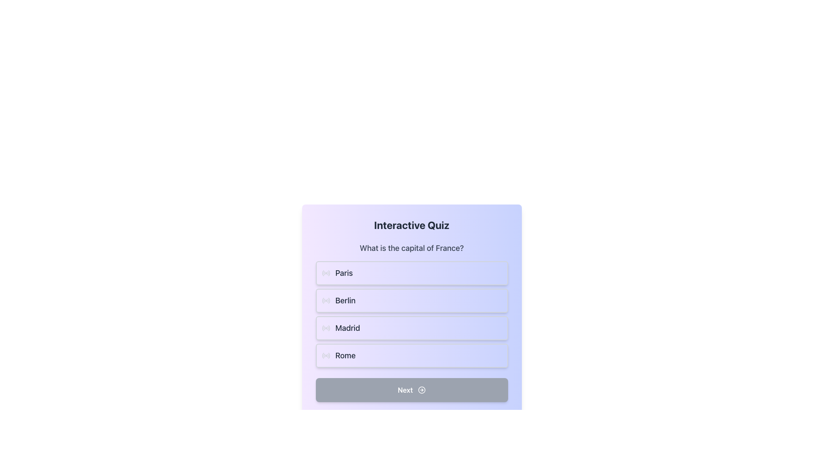  What do you see at coordinates (411, 314) in the screenshot?
I see `the 'Madrid' option in the quiz` at bounding box center [411, 314].